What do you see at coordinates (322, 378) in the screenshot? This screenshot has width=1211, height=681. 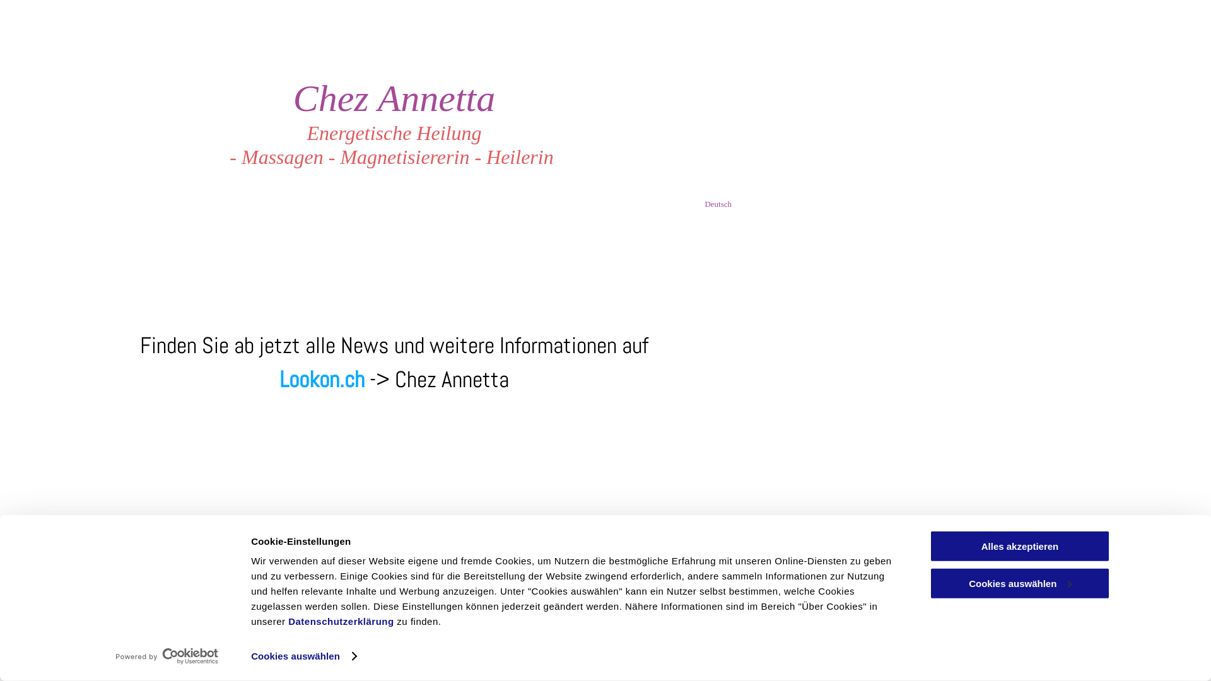 I see `'Lookon.ch'` at bounding box center [322, 378].